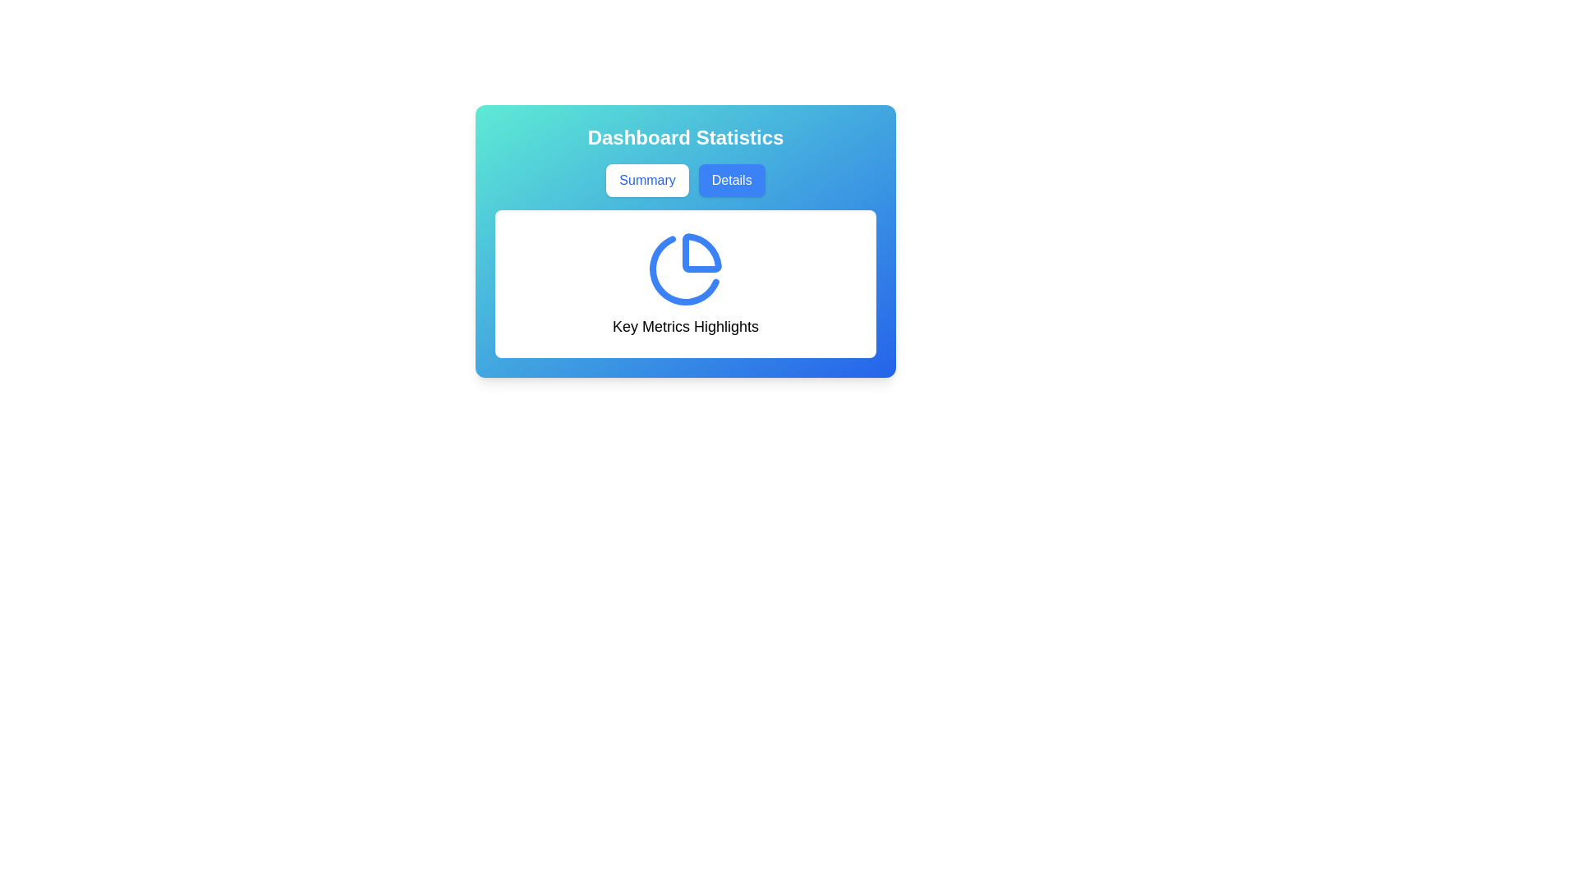 This screenshot has height=887, width=1577. I want to click on the pie chart icon located within the 'Key Metrics Highlights' card, which is nested in a rectangular section with a gradient background beneath the 'Dashboard Statistics' title, so click(686, 241).